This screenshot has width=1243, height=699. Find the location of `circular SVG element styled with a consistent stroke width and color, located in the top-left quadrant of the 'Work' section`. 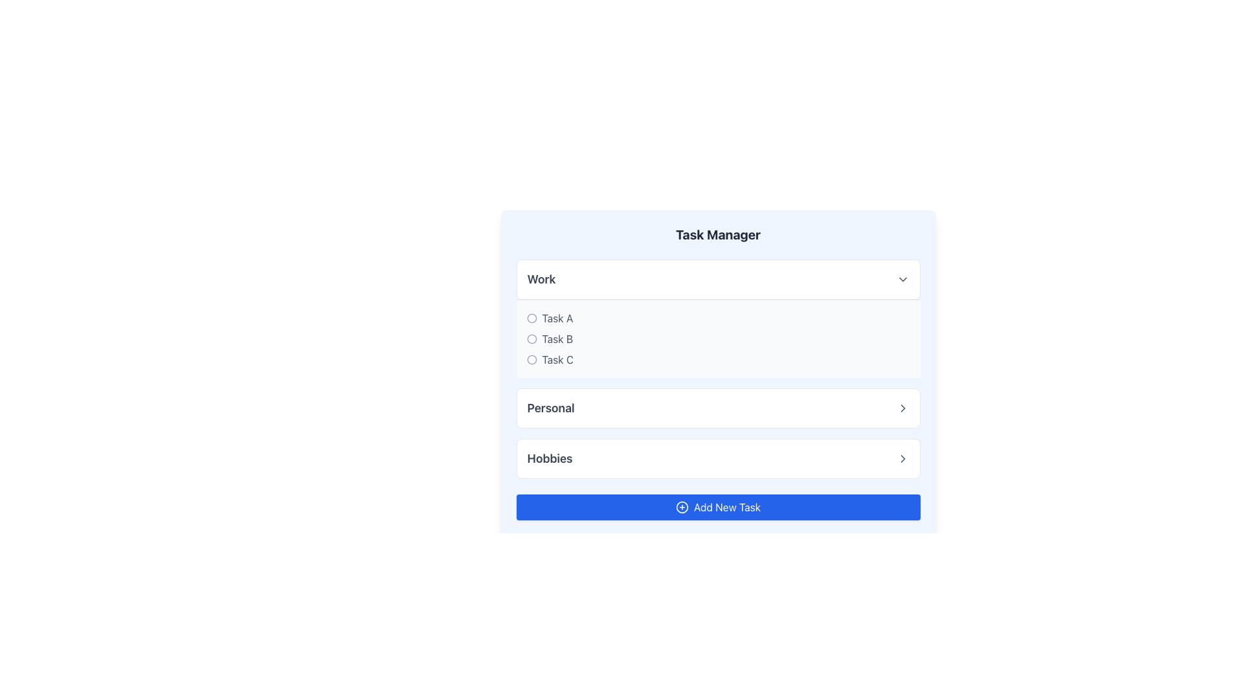

circular SVG element styled with a consistent stroke width and color, located in the top-left quadrant of the 'Work' section is located at coordinates (532, 318).